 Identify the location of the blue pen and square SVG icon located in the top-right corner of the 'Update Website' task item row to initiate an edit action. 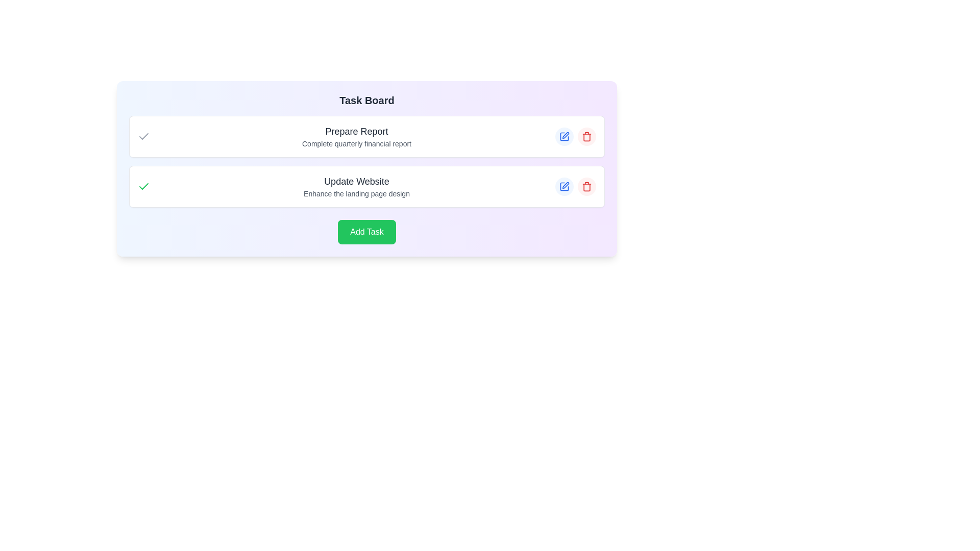
(563, 136).